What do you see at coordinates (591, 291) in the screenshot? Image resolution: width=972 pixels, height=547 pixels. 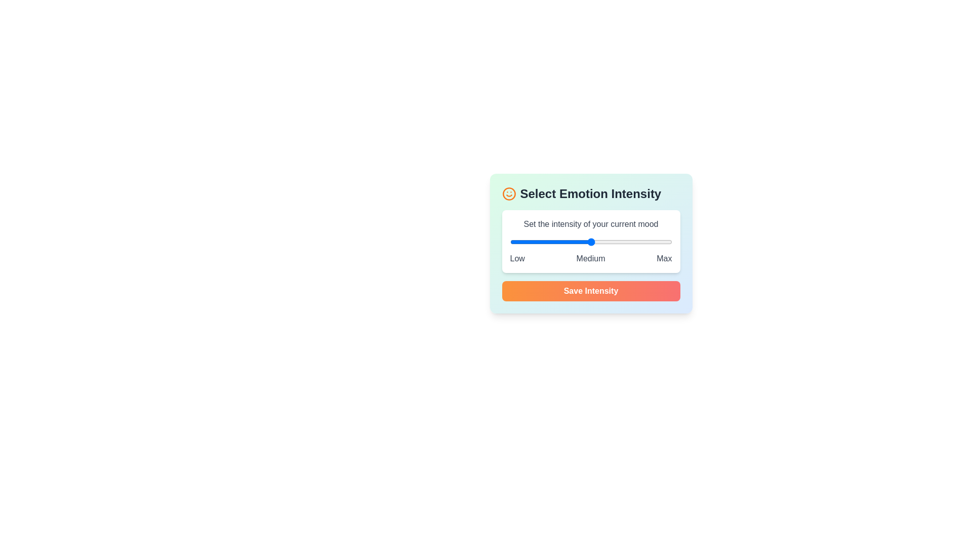 I see `the 'Save Intensity' button to submit the current intensity` at bounding box center [591, 291].